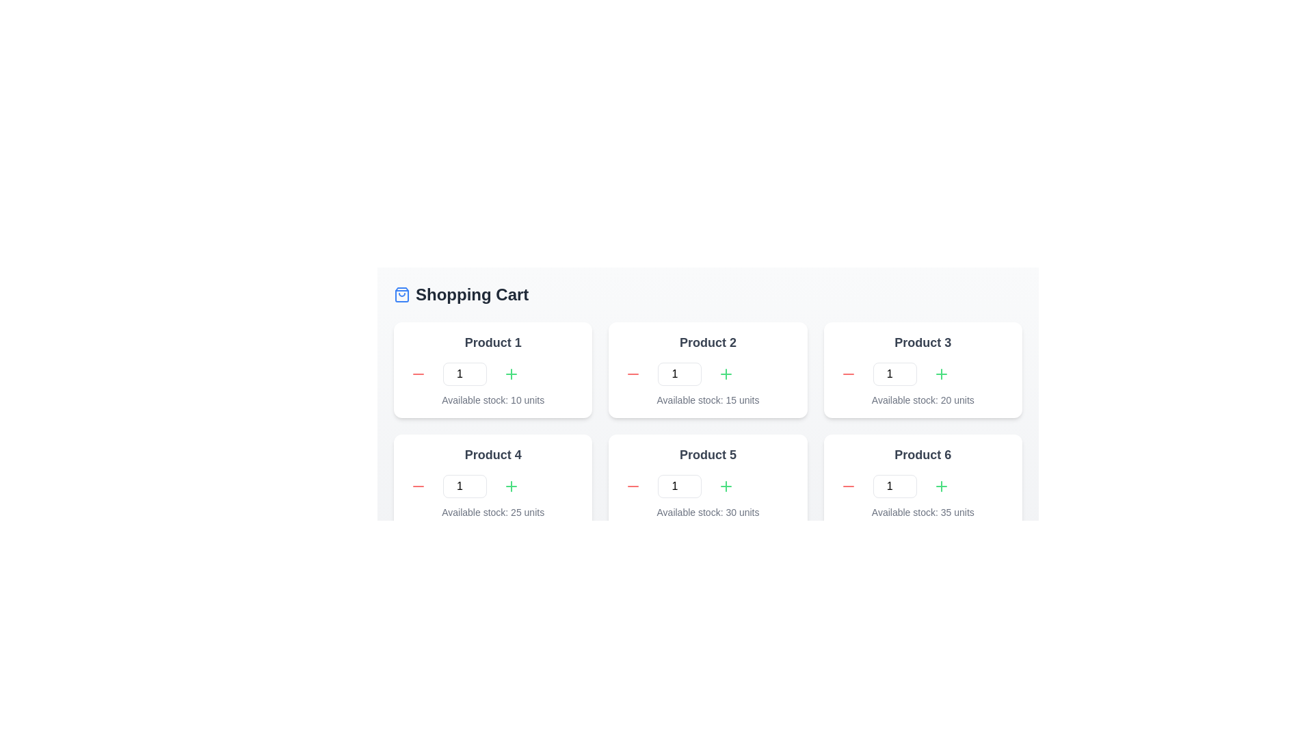  Describe the element at coordinates (472, 294) in the screenshot. I see `the bold, large-sized 'Shopping Cart' text, which is styled in dark gray and positioned near the top center of the interface, to the right of a shopping bag icon` at that location.